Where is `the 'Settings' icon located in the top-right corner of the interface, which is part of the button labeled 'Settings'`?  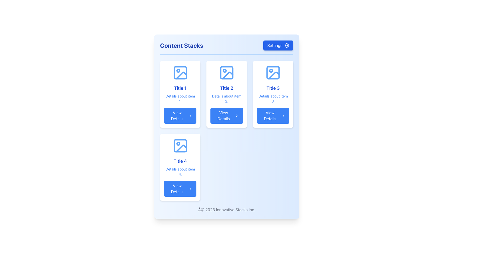
the 'Settings' icon located in the top-right corner of the interface, which is part of the button labeled 'Settings' is located at coordinates (287, 45).